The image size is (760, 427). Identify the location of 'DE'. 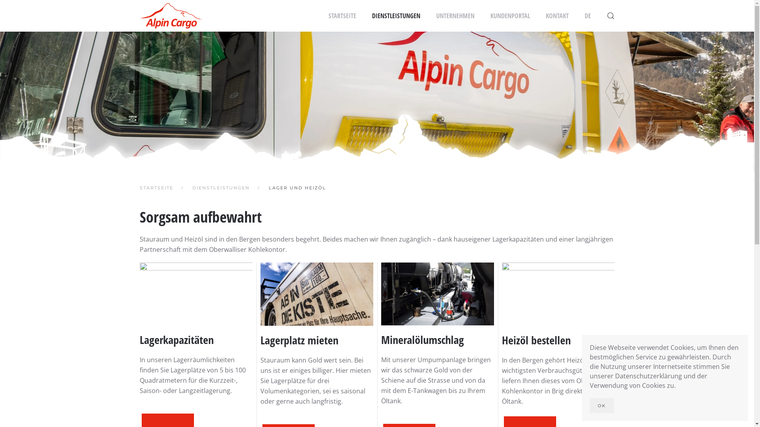
(587, 15).